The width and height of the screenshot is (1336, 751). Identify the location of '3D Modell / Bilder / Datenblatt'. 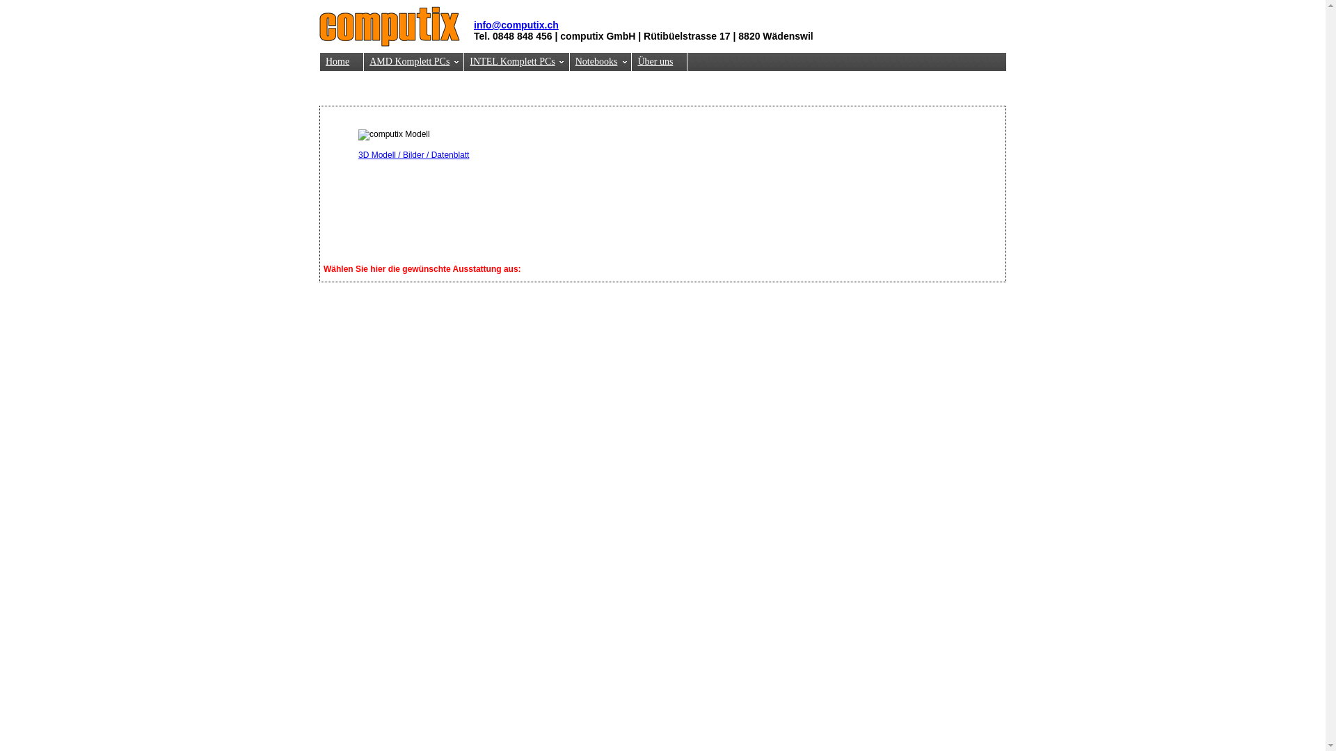
(413, 155).